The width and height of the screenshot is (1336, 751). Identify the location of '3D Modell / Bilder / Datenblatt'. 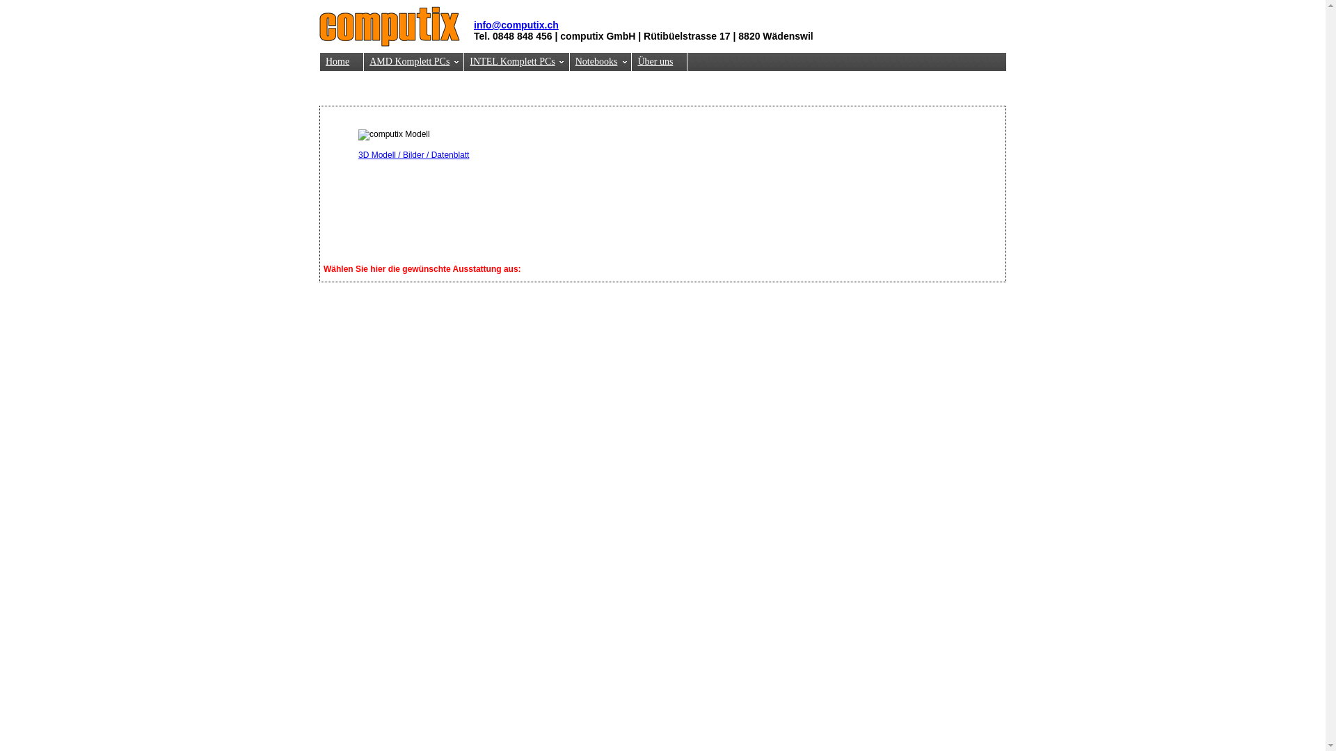
(413, 155).